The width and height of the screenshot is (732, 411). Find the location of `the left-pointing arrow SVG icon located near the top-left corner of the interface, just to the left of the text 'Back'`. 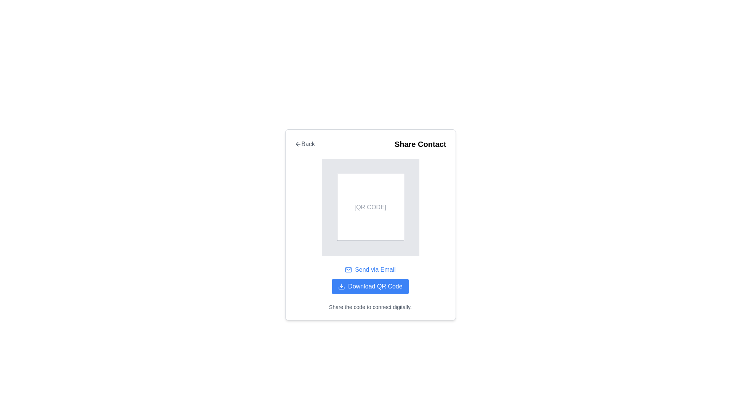

the left-pointing arrow SVG icon located near the top-left corner of the interface, just to the left of the text 'Back' is located at coordinates (297, 144).